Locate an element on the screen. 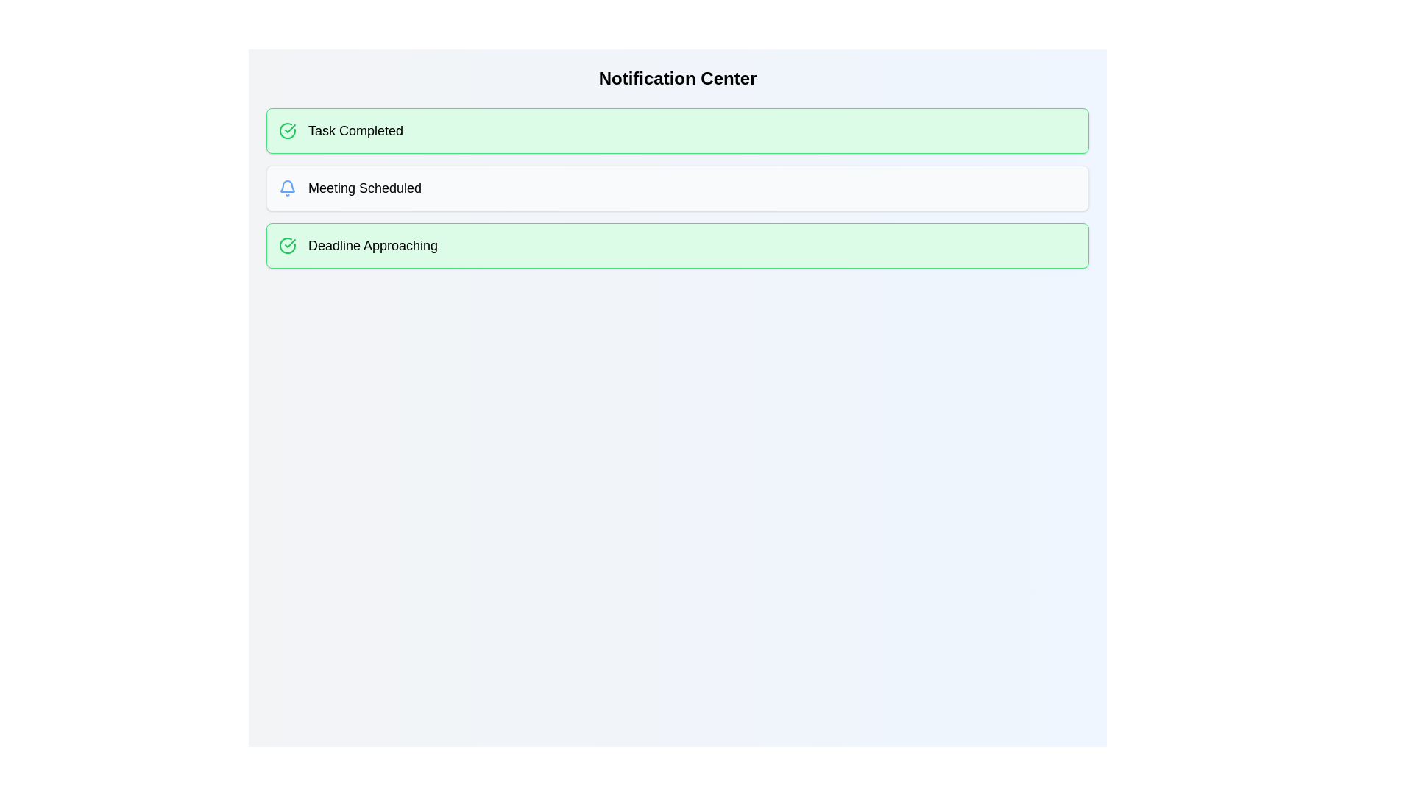 The image size is (1413, 795). the notification chip labeled 'Deadline Approaching' by clicking on it is located at coordinates (677, 245).